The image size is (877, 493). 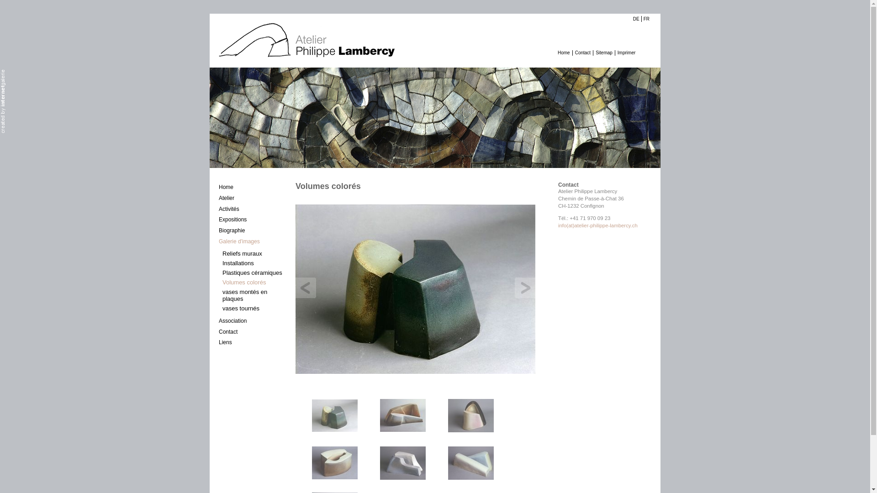 I want to click on 'Reliefs muraux', so click(x=252, y=253).